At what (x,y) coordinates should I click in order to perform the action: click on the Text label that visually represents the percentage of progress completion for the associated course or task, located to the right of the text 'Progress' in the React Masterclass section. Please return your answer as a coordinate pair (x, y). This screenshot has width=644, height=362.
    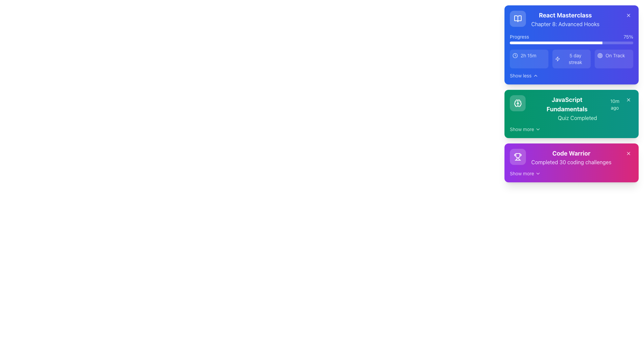
    Looking at the image, I should click on (628, 37).